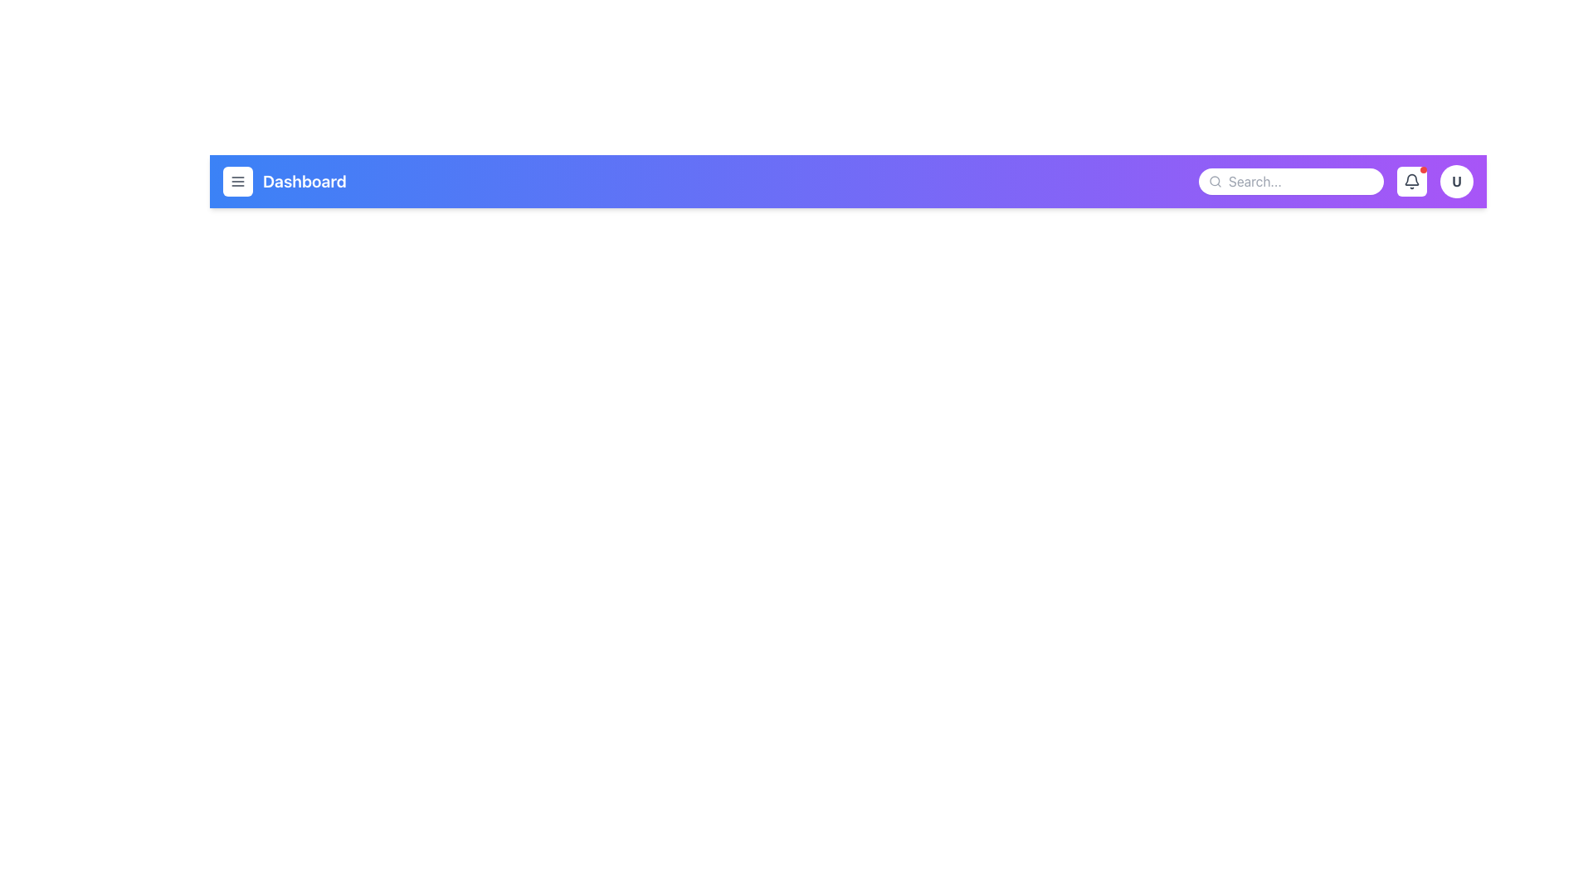 The height and width of the screenshot is (896, 1593). I want to click on the 'Dashboard' text label located in the navigation bar, which serves as a title for the current section of the application, so click(304, 182).